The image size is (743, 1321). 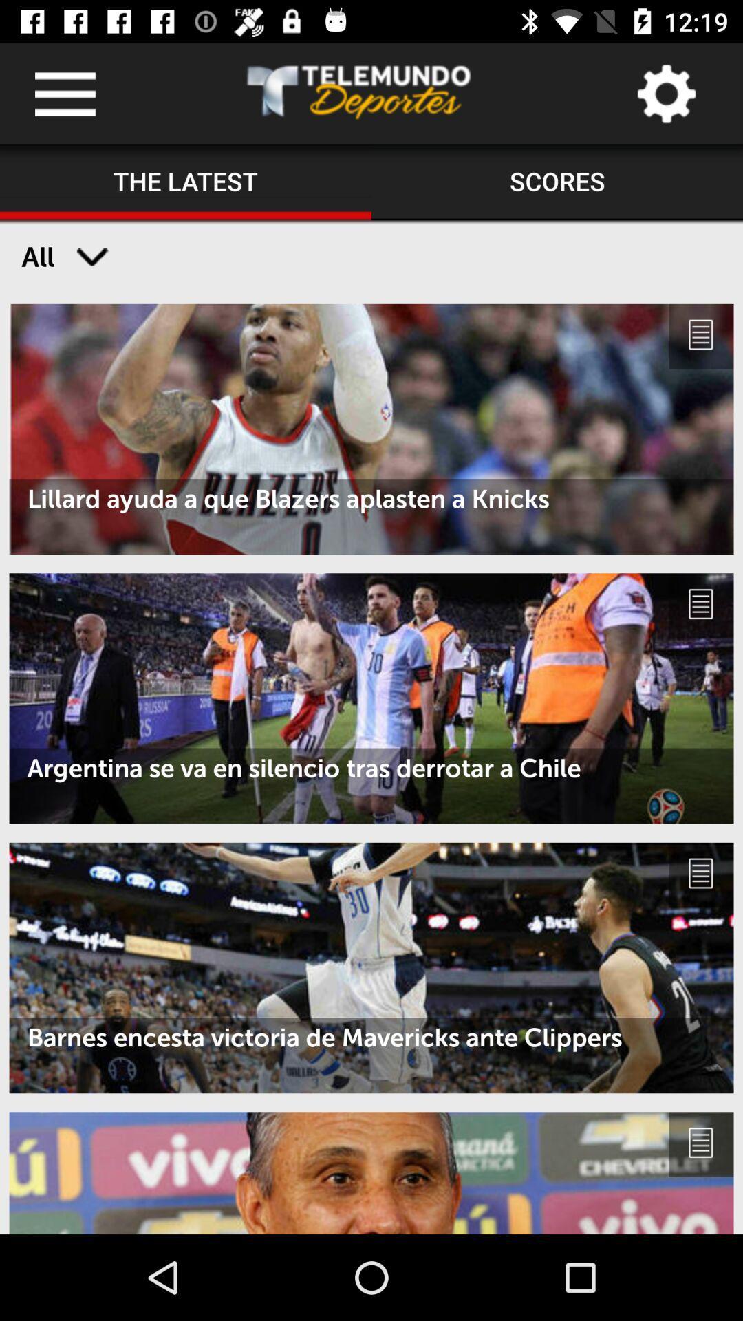 What do you see at coordinates (371, 767) in the screenshot?
I see `the argentina se va icon` at bounding box center [371, 767].